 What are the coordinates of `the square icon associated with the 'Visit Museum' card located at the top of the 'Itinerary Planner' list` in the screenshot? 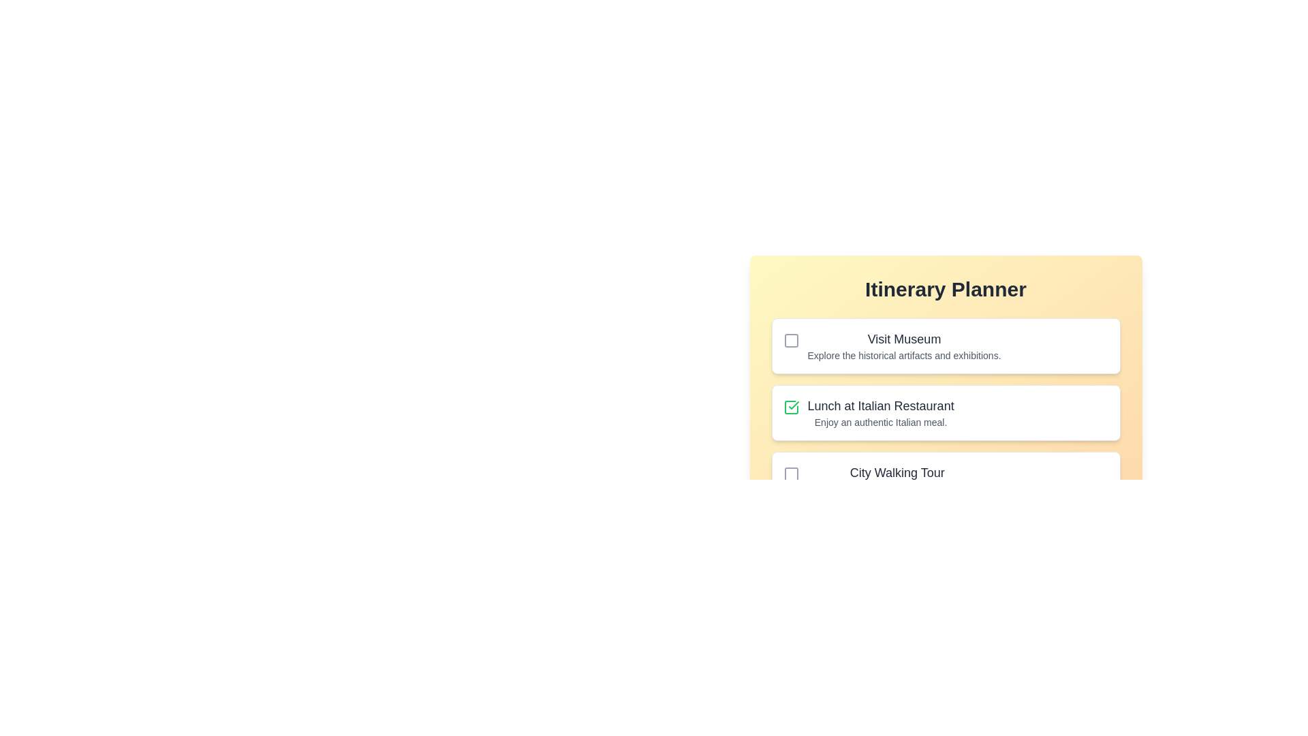 It's located at (791, 340).